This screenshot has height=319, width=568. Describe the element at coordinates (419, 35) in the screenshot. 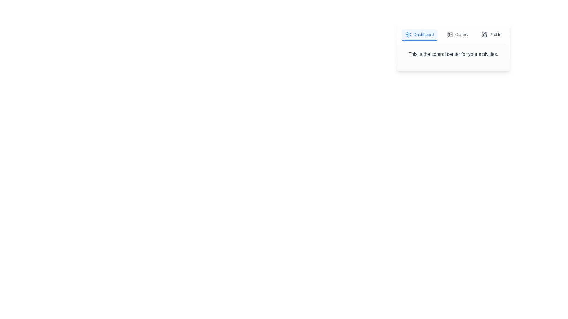

I see `the Dashboard tab` at that location.